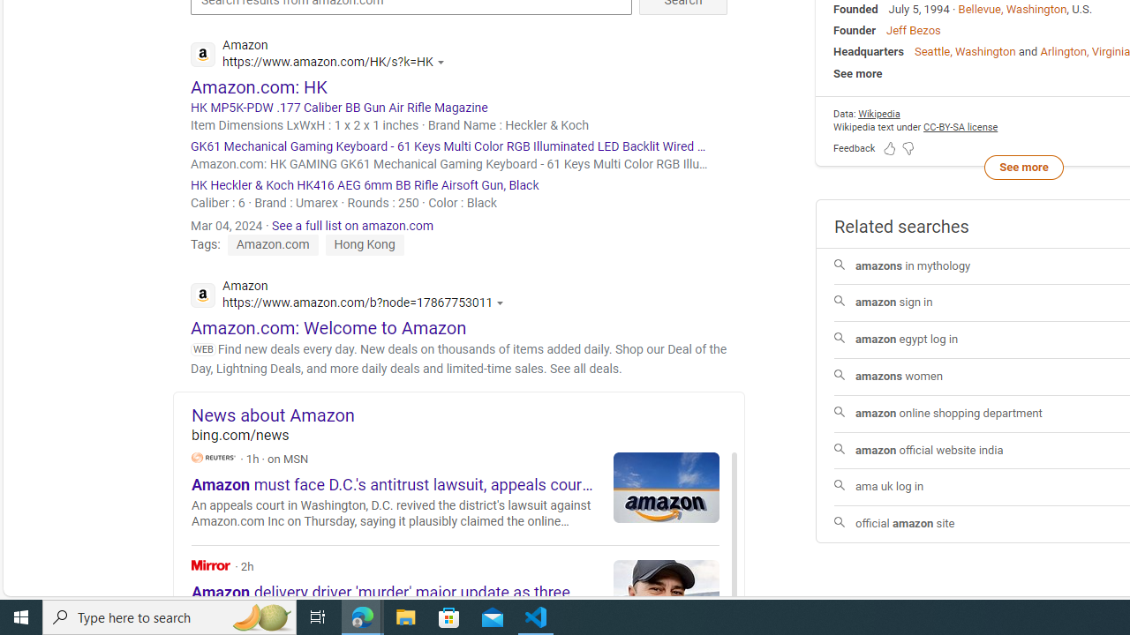 The image size is (1130, 635). I want to click on 'Seattle, Washington', so click(964, 50).